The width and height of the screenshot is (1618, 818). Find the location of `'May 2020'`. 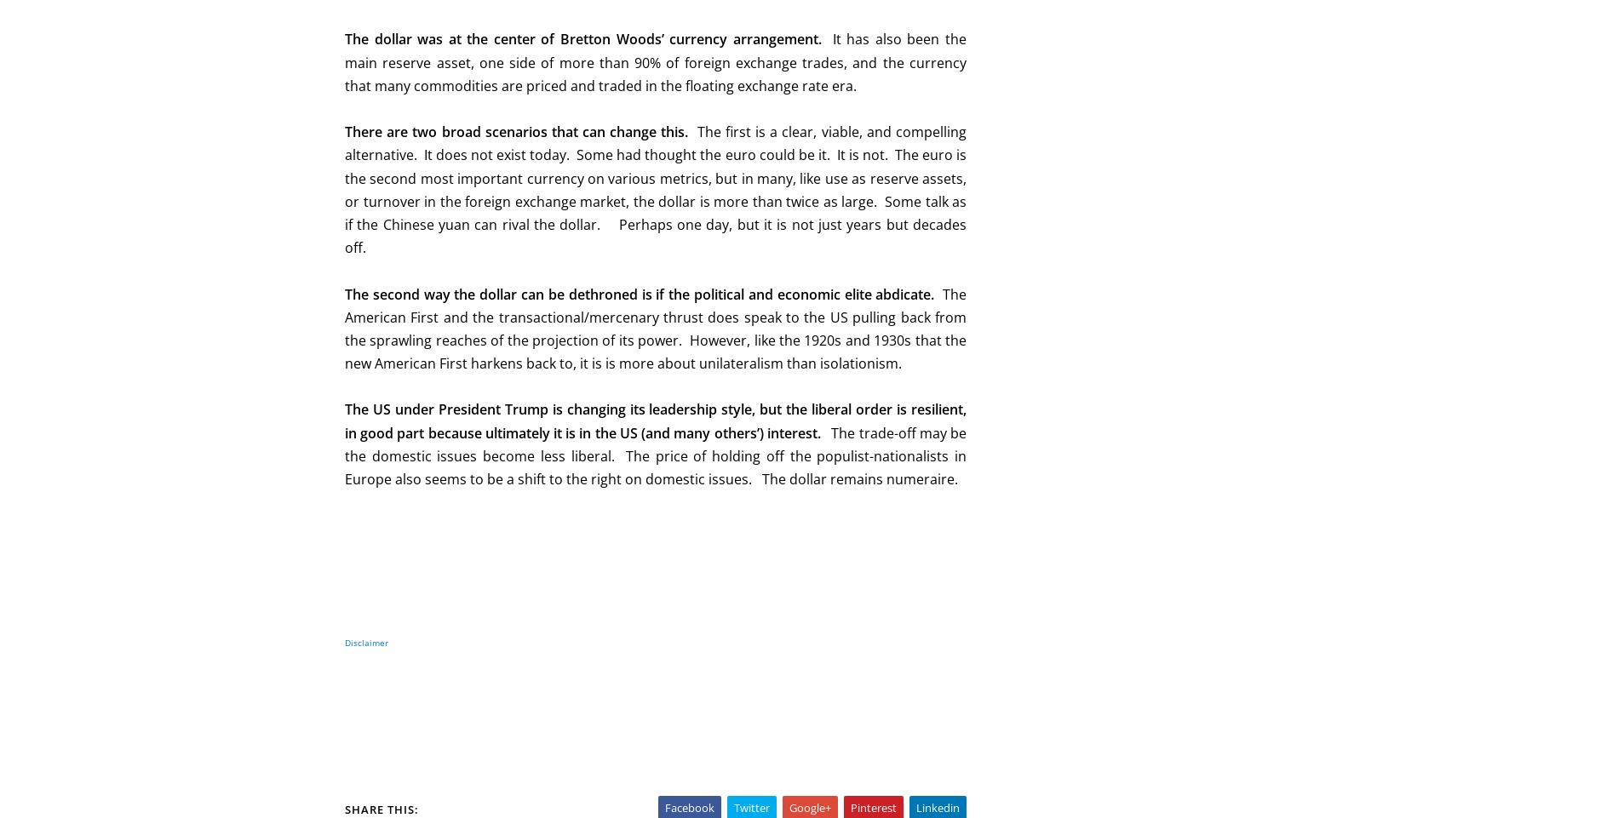

'May 2020' is located at coordinates (1054, 680).